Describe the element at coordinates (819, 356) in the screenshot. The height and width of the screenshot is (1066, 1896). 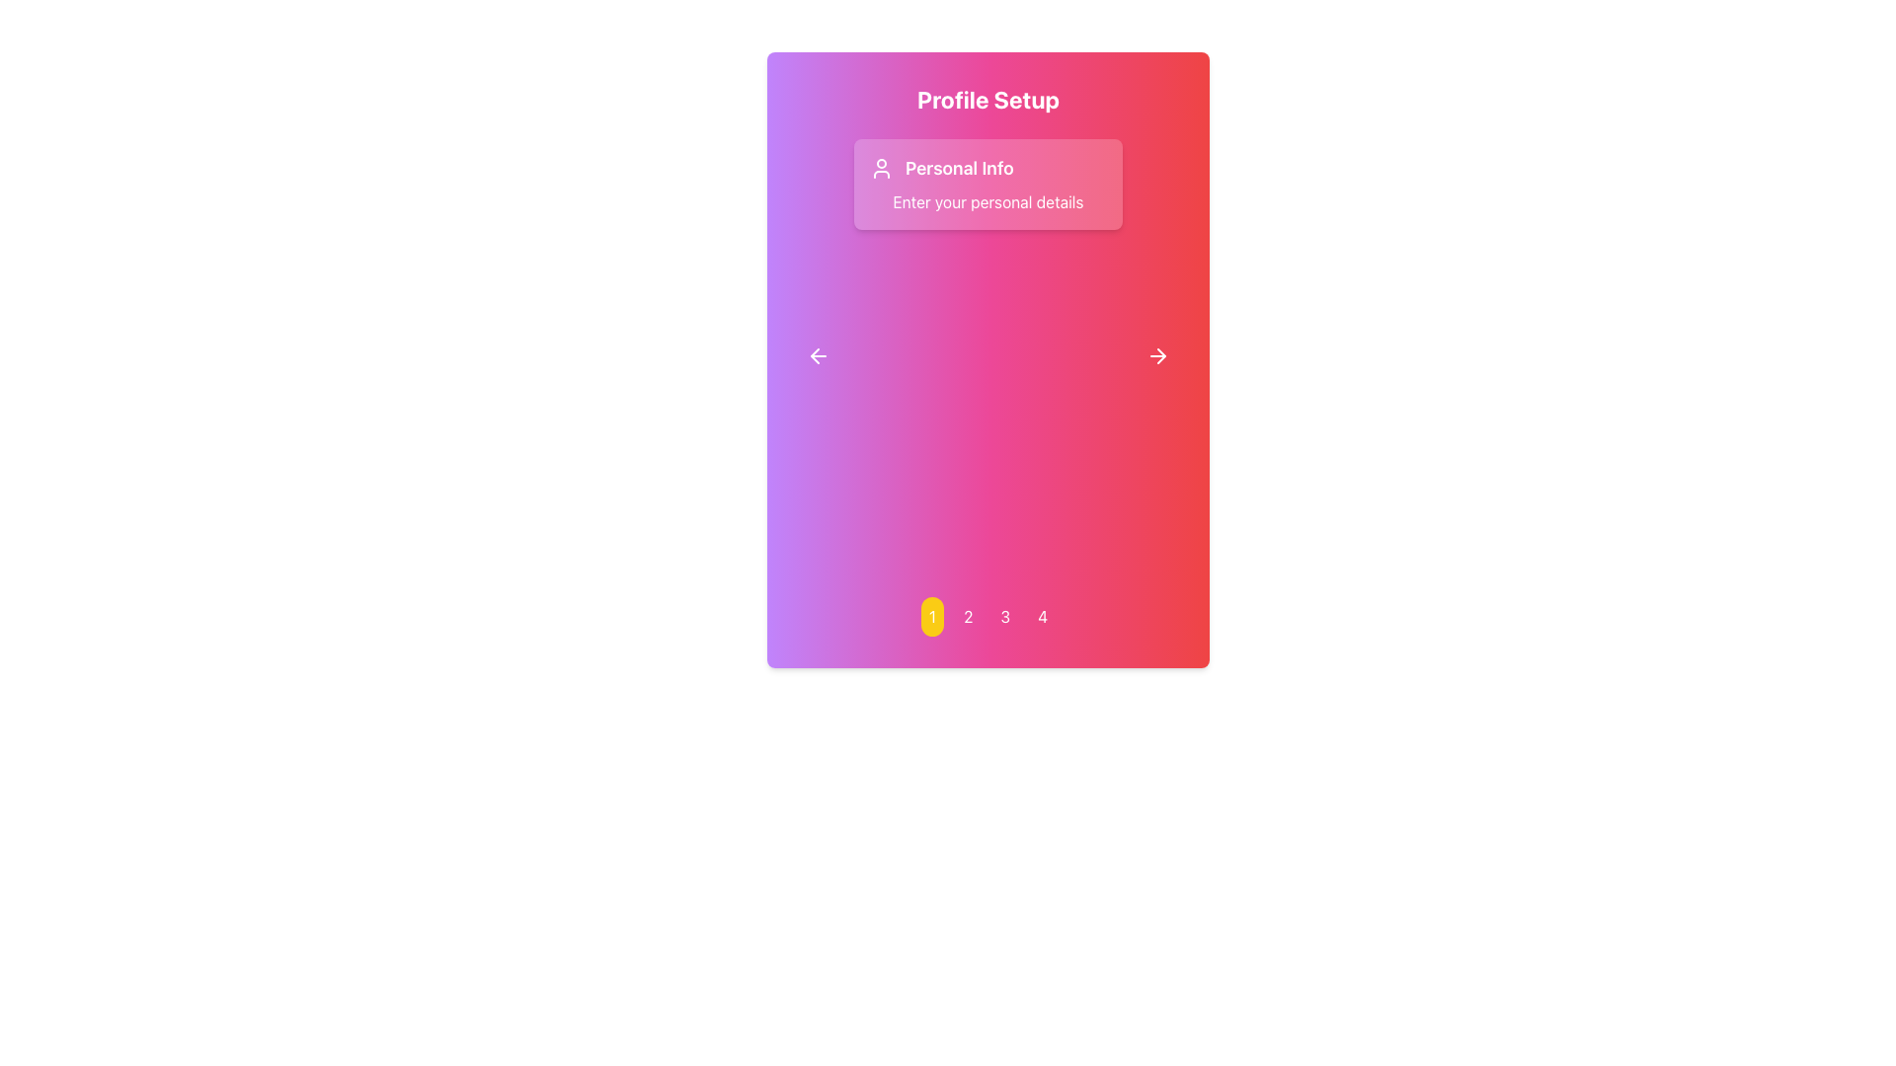
I see `the backward navigation button located in the left-hand section of the modal` at that location.